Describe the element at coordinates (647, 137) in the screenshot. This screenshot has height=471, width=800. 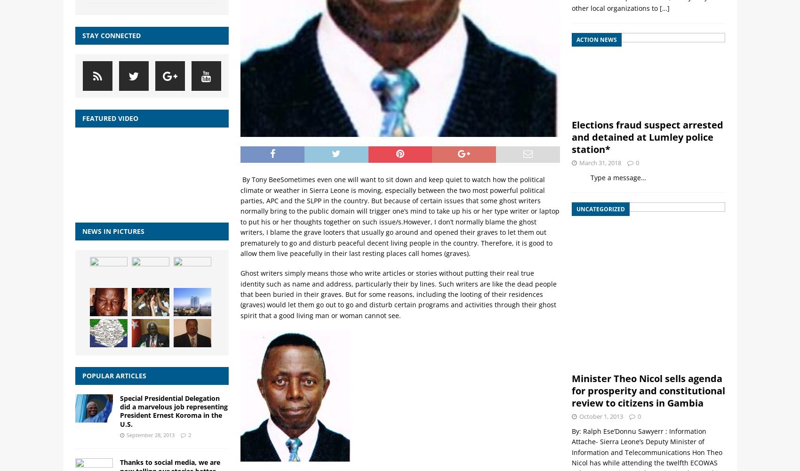
I see `'Elections fraud suspect arrested and detained at Lumley police station*'` at that location.